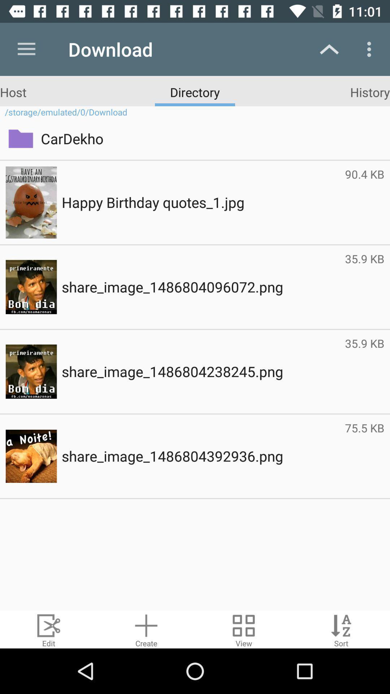 The image size is (390, 694). Describe the element at coordinates (49, 629) in the screenshot. I see `edit` at that location.